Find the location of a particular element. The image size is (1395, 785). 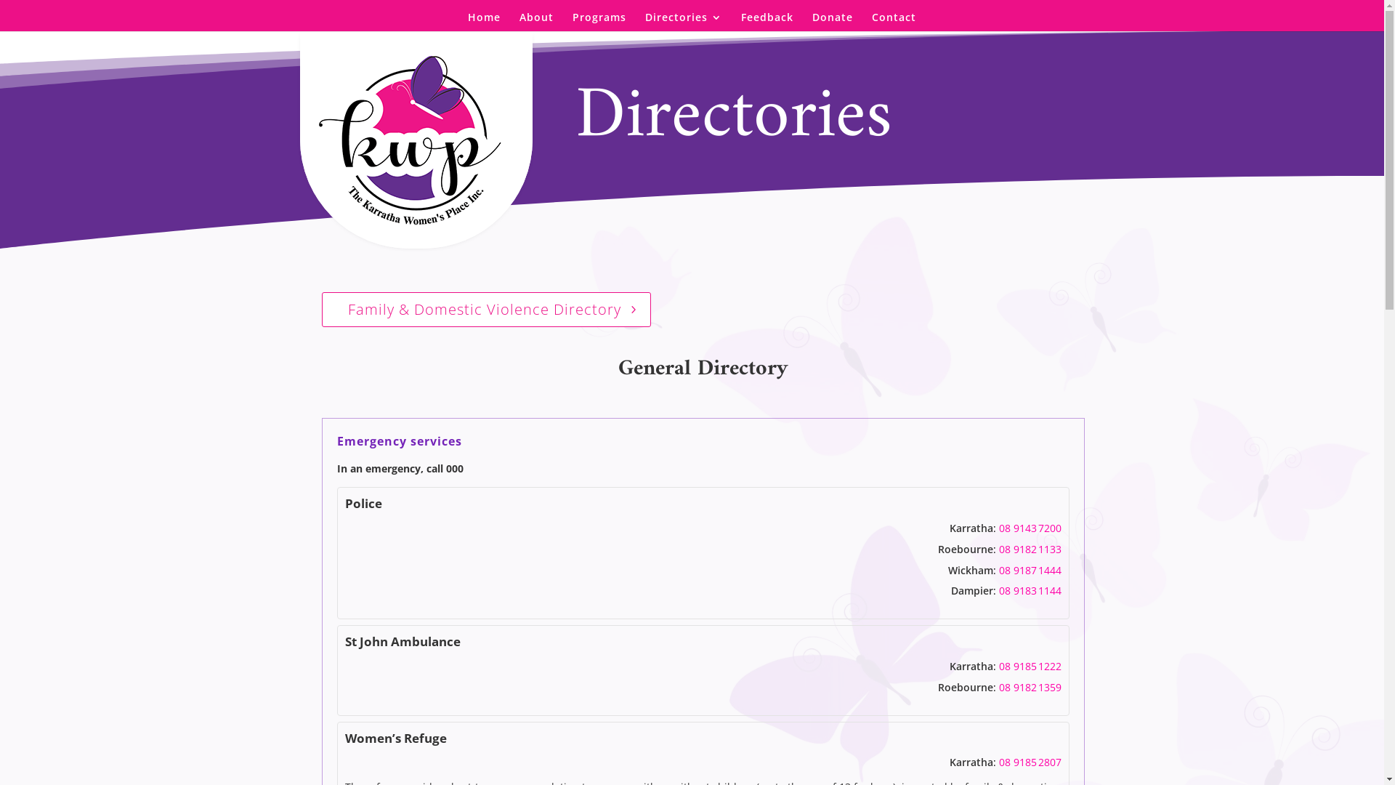

'Home' is located at coordinates (484, 22).